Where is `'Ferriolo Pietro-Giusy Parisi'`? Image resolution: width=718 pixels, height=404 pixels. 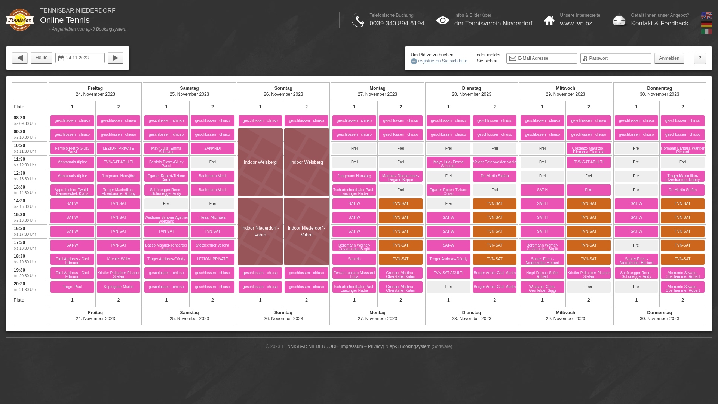 'Ferriolo Pietro-Giusy Parisi' is located at coordinates (166, 162).